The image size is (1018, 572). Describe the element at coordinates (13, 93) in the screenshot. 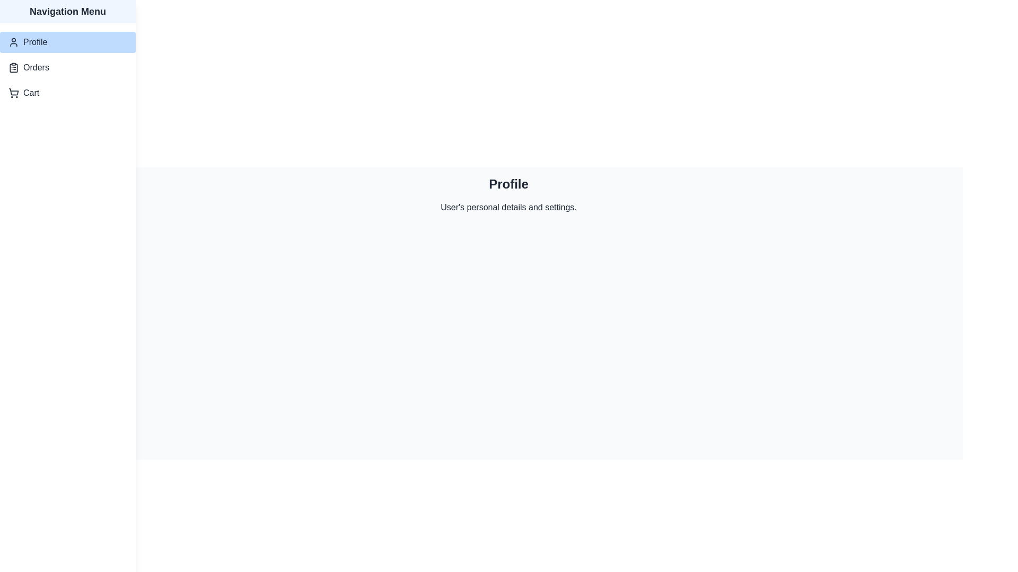

I see `the shopping cart icon located in the navigation menu, positioned immediately to the left of the 'Cart' text label` at that location.